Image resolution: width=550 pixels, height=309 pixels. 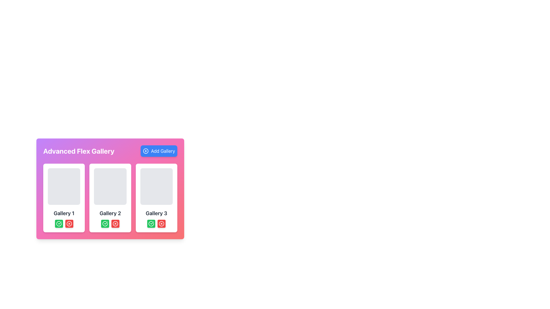 What do you see at coordinates (110, 186) in the screenshot?
I see `the light gray rectangular placeholder located in the upper region of the 'Gallery 2' box within the 'Advanced Flex Gallery' section` at bounding box center [110, 186].